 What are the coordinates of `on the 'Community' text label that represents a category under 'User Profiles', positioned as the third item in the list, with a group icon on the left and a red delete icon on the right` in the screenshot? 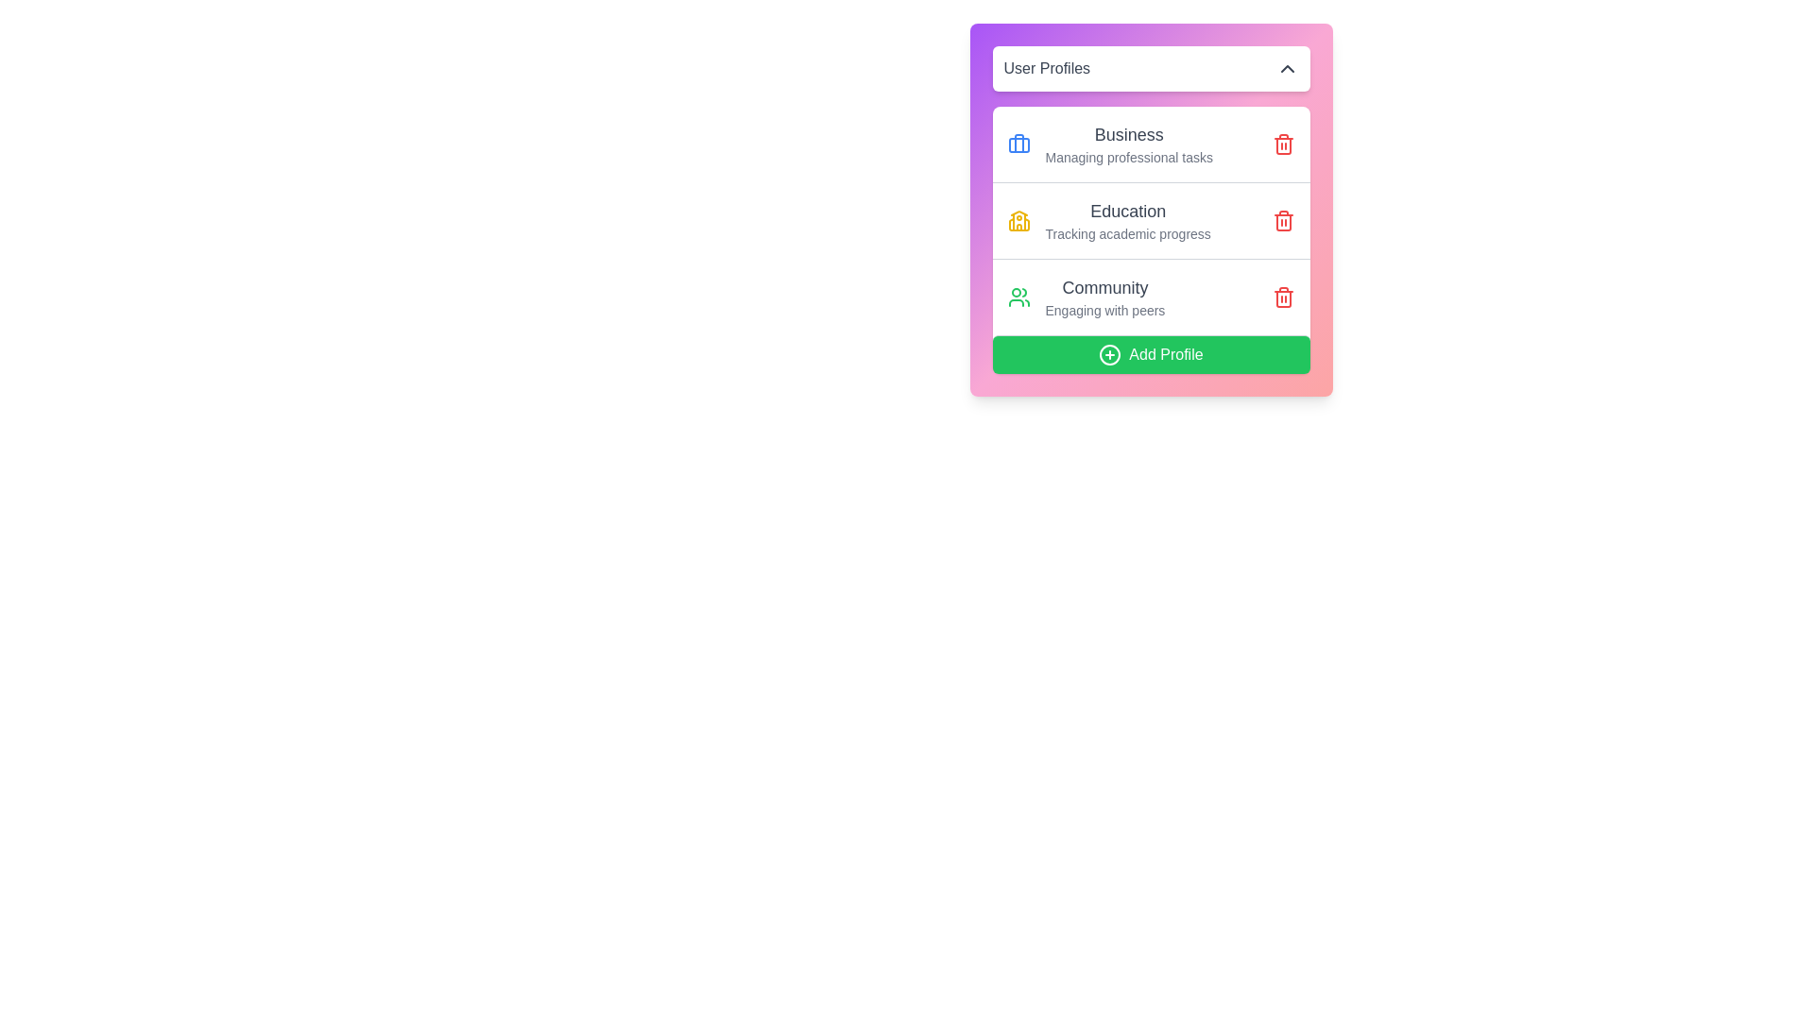 It's located at (1104, 297).